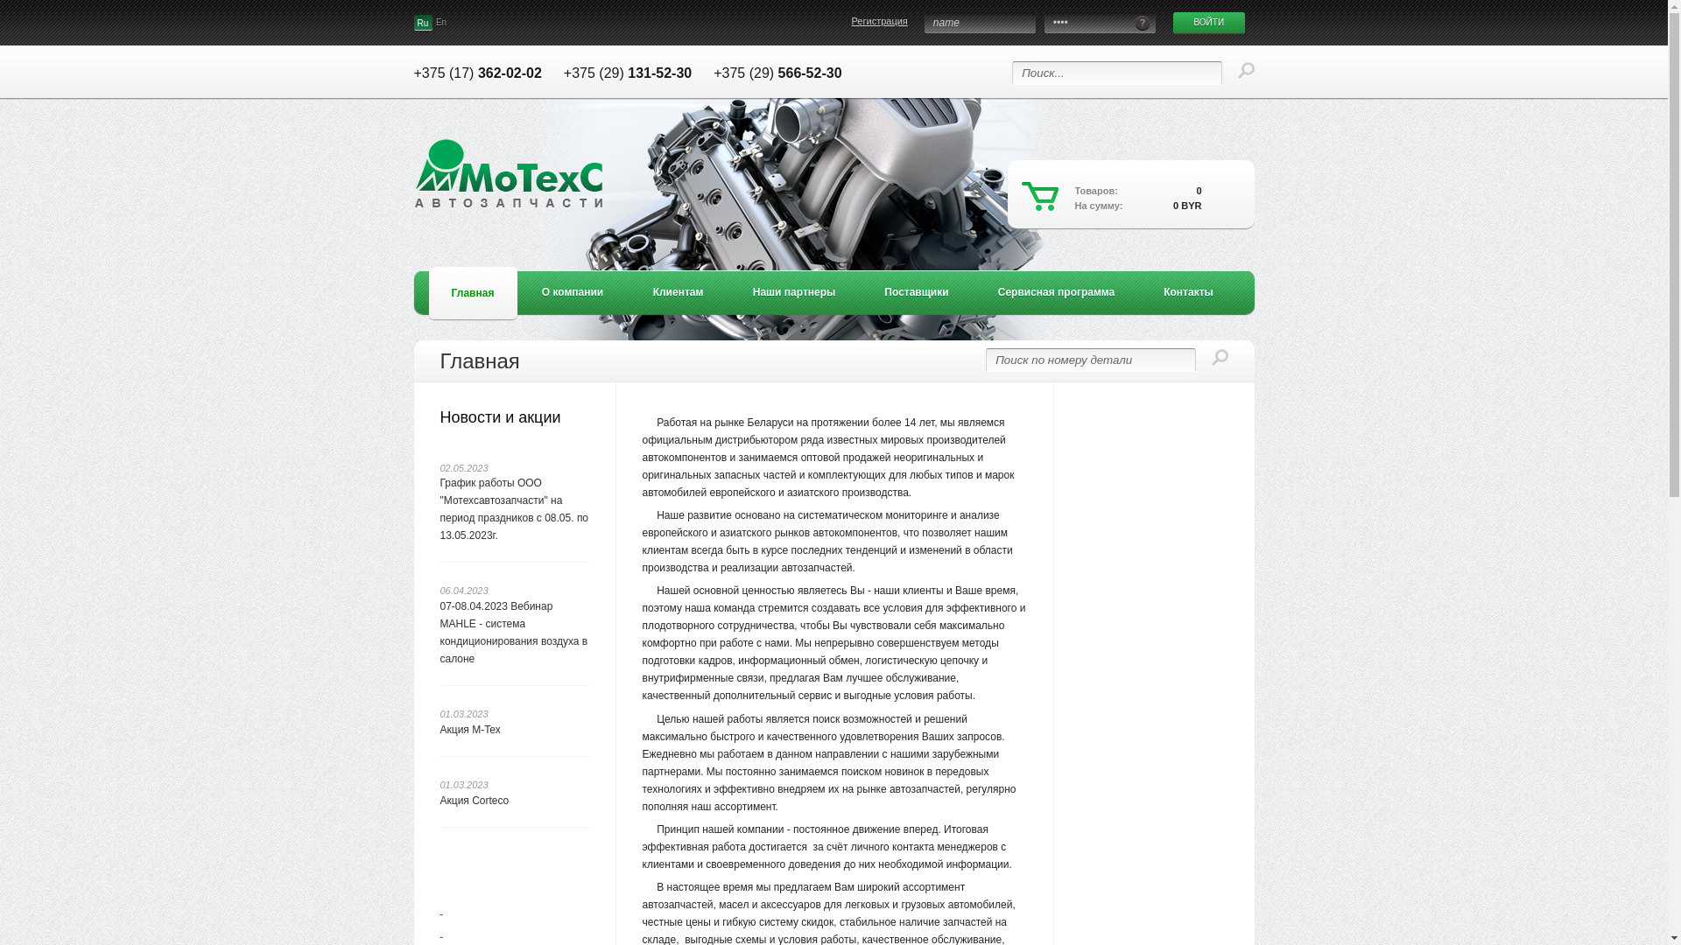  I want to click on '   ', so click(512, 920).